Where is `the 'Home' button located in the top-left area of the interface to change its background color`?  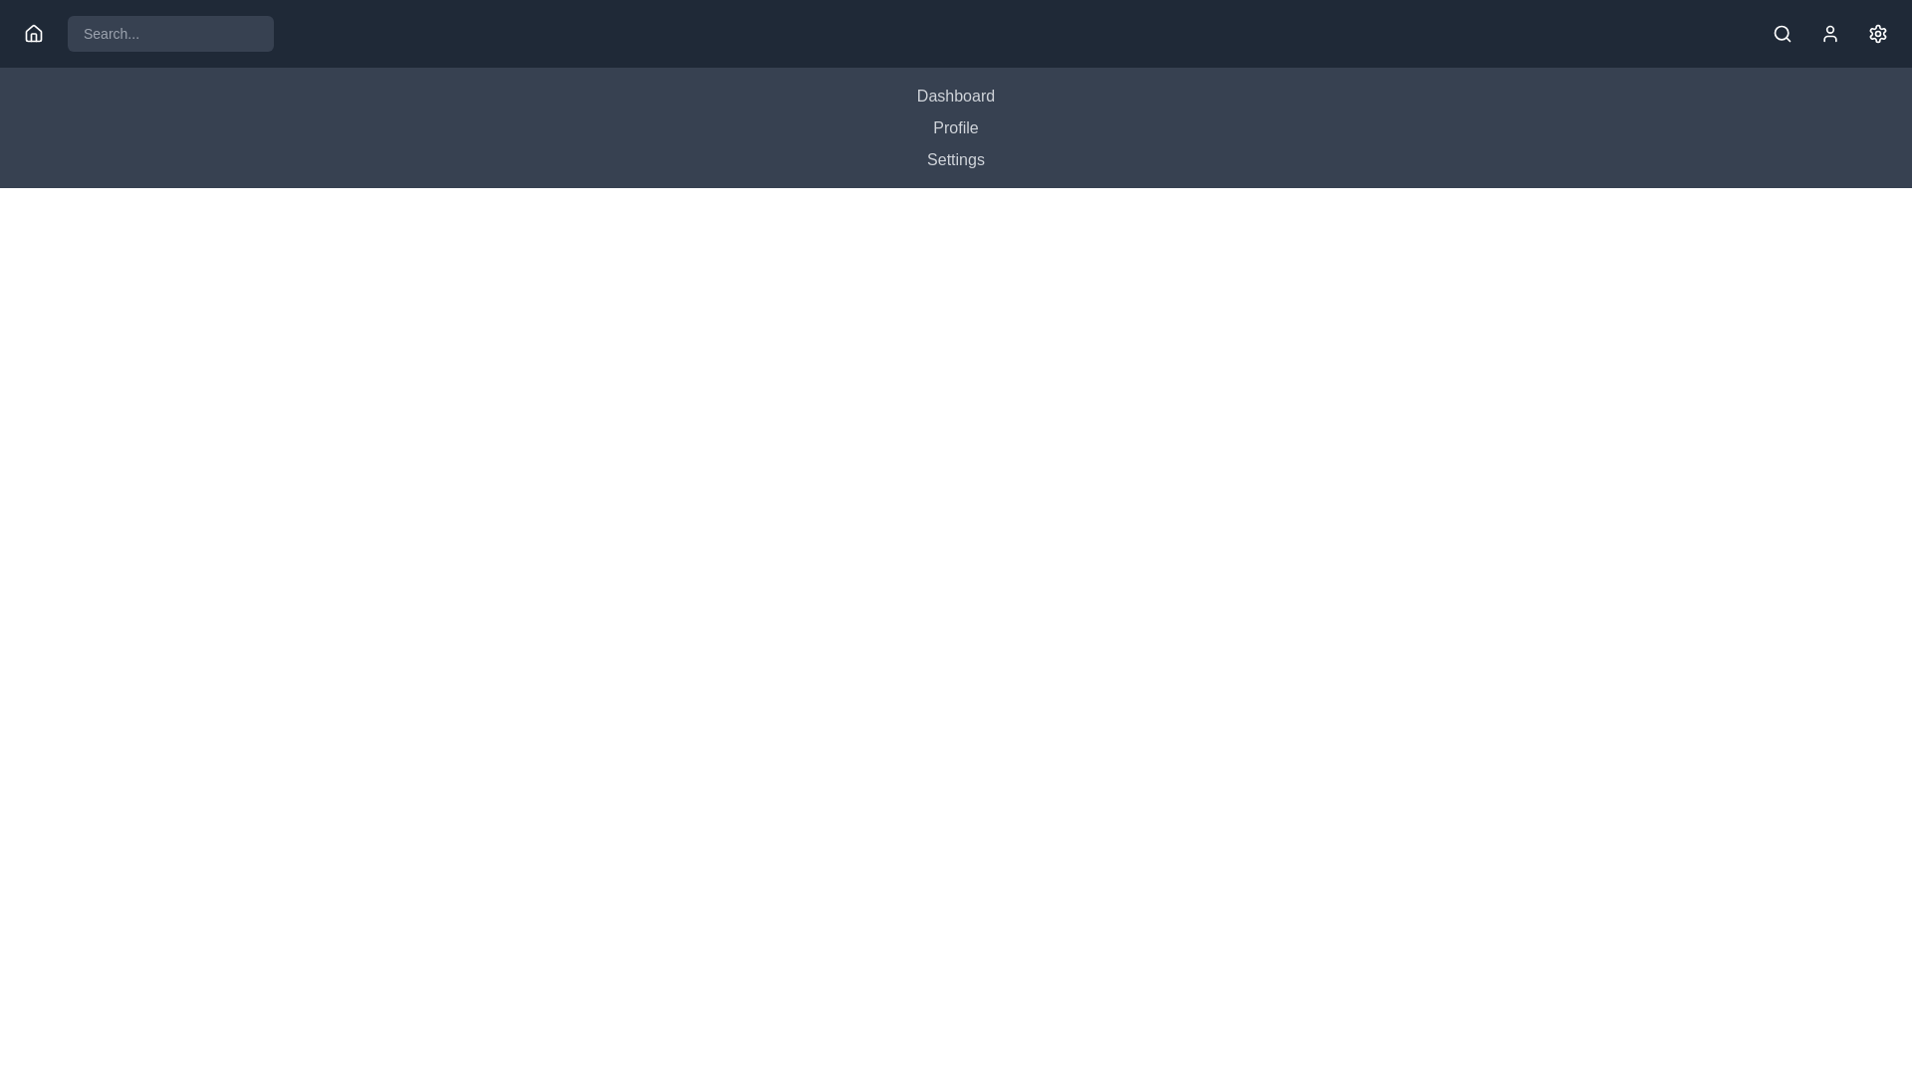
the 'Home' button located in the top-left area of the interface to change its background color is located at coordinates (33, 34).